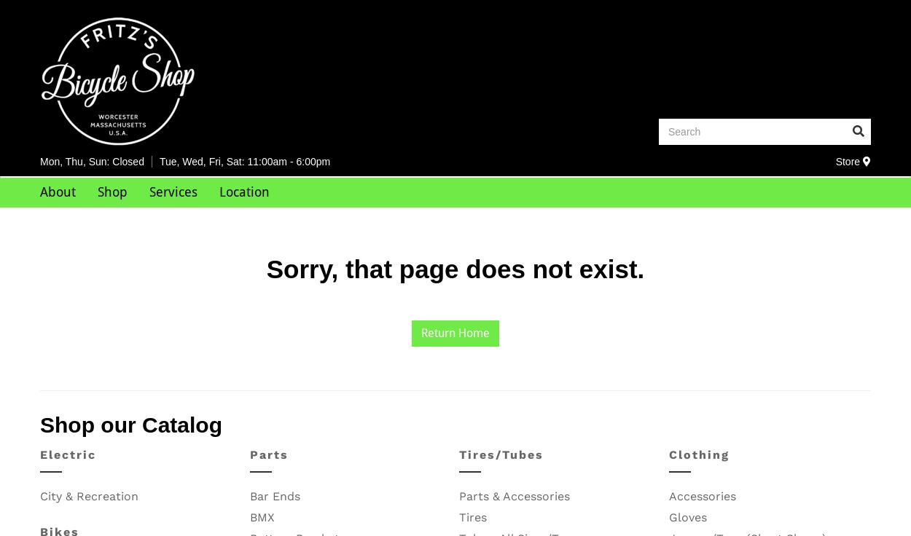 Image resolution: width=911 pixels, height=536 pixels. What do you see at coordinates (70, 220) in the screenshot?
I see `'About Us'` at bounding box center [70, 220].